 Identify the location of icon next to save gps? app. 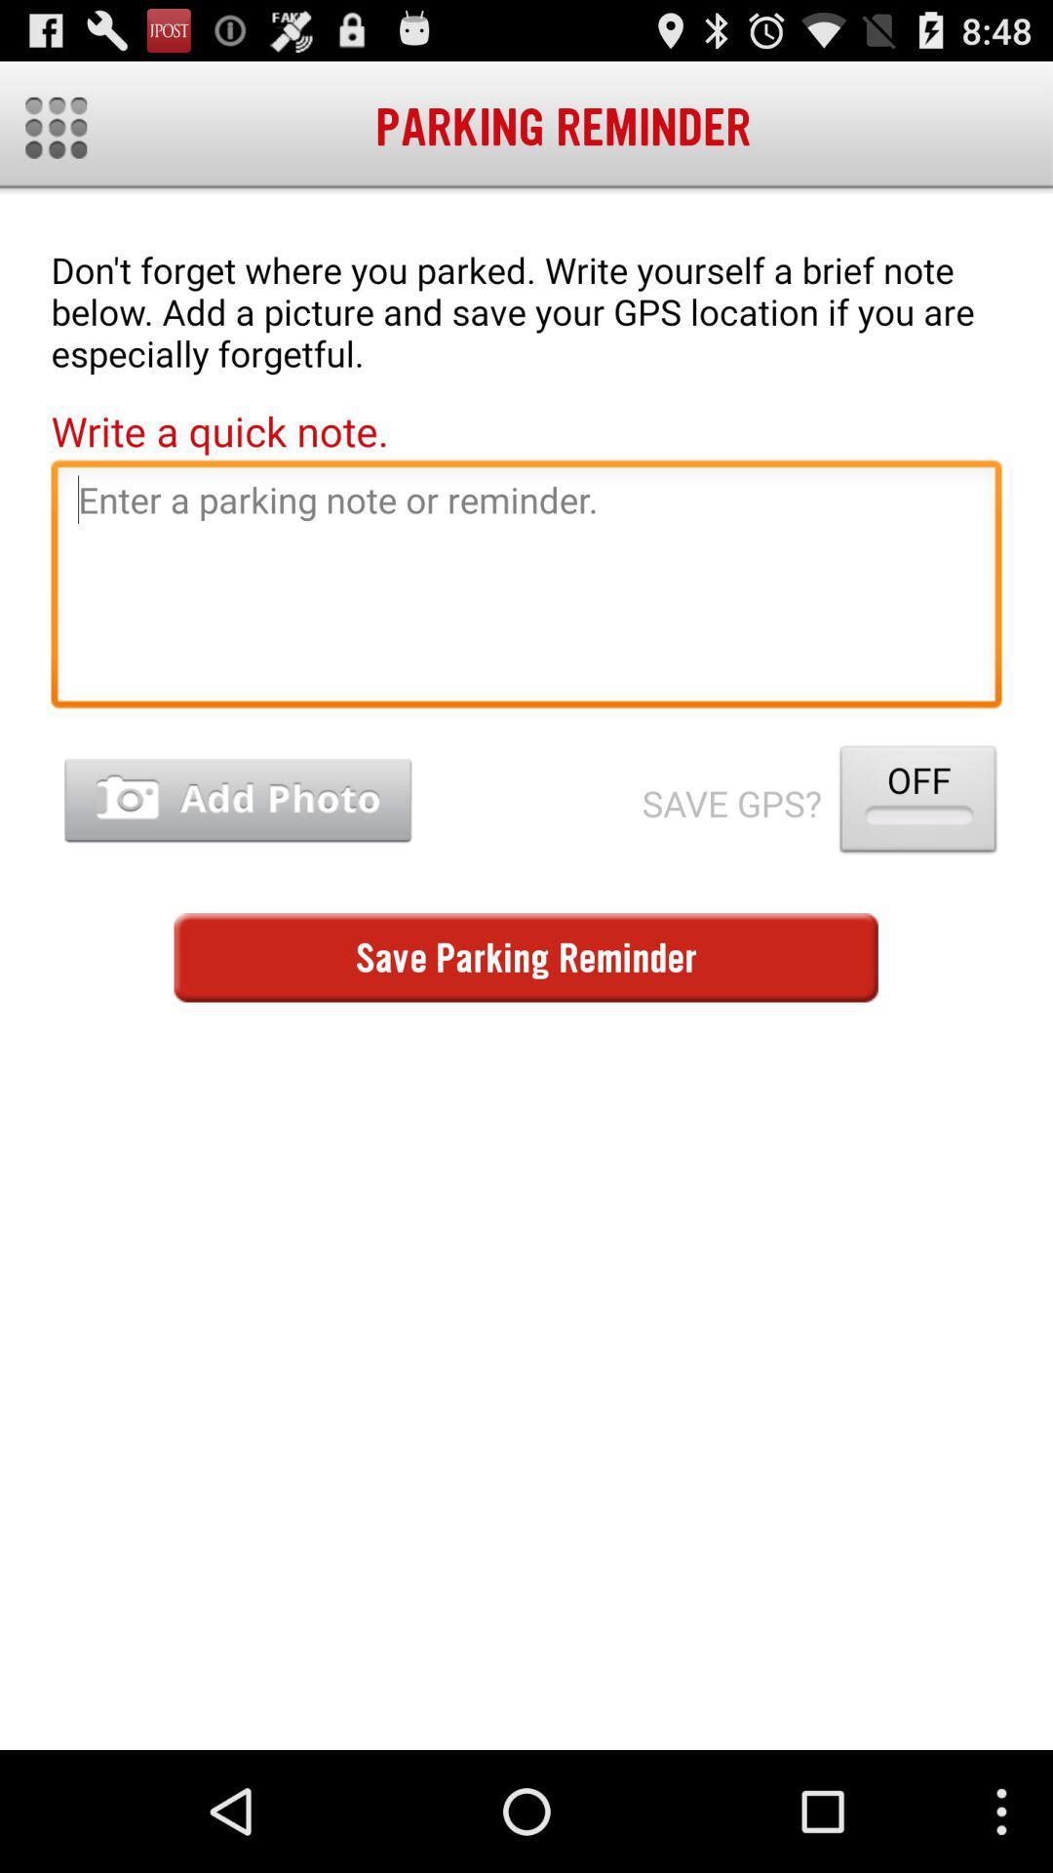
(237, 801).